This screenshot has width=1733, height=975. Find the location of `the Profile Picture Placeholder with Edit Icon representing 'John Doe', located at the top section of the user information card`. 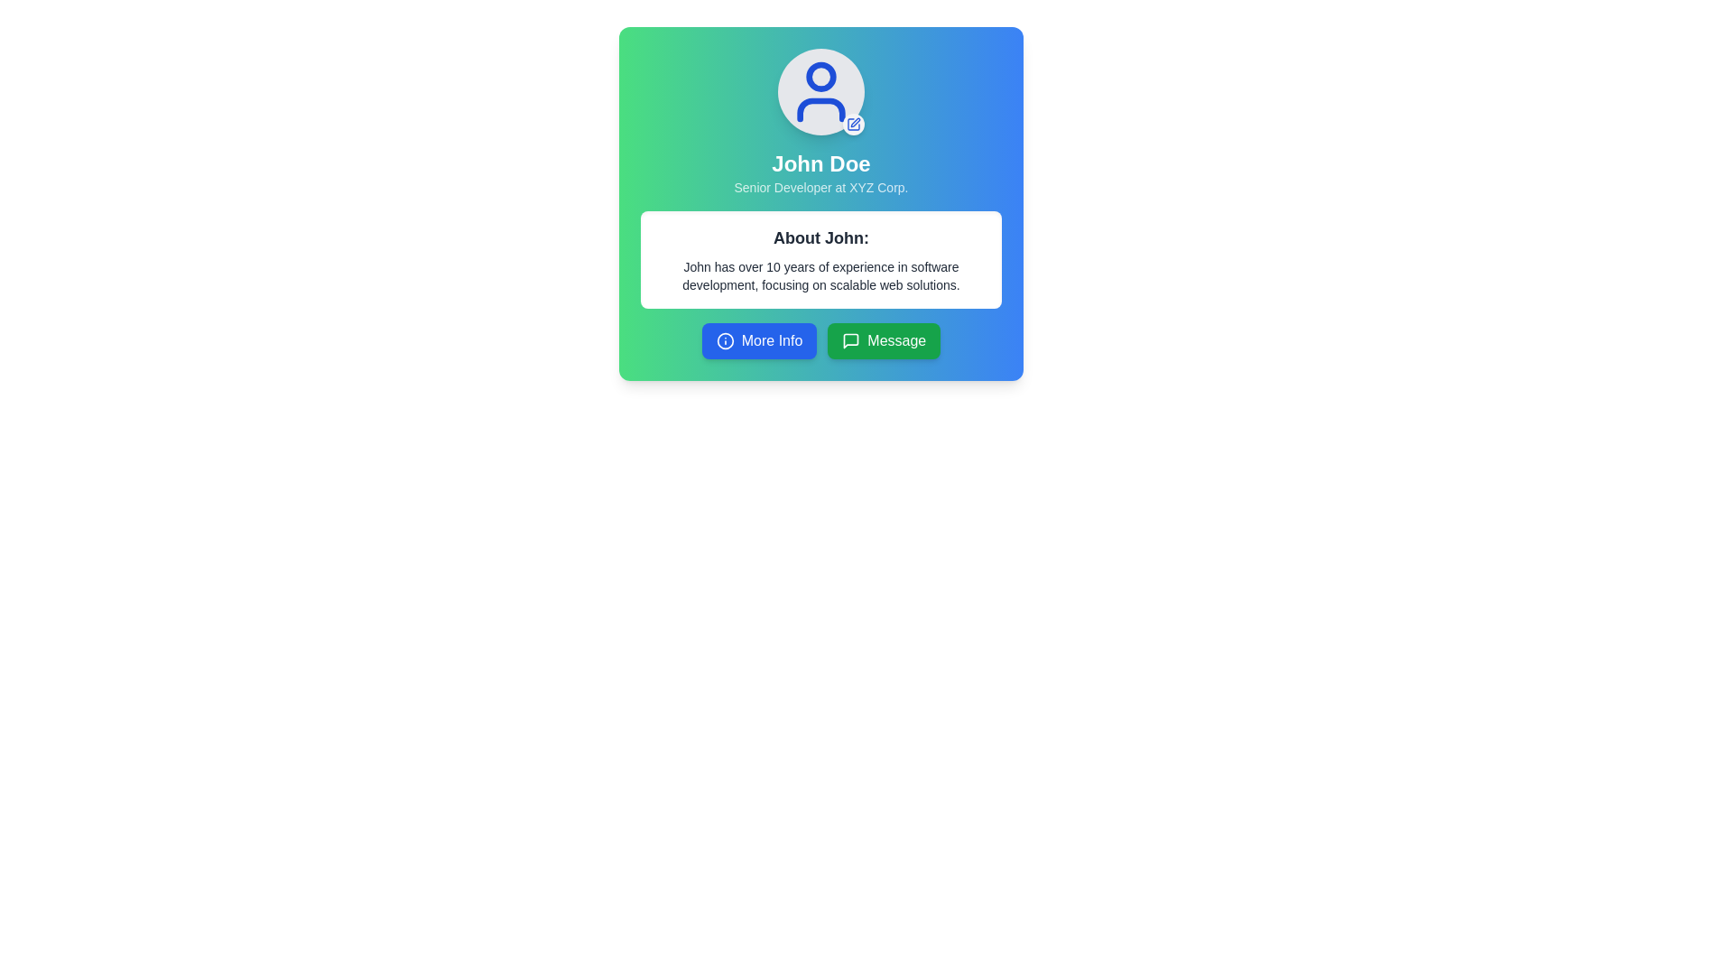

the Profile Picture Placeholder with Edit Icon representing 'John Doe', located at the top section of the user information card is located at coordinates (820, 91).